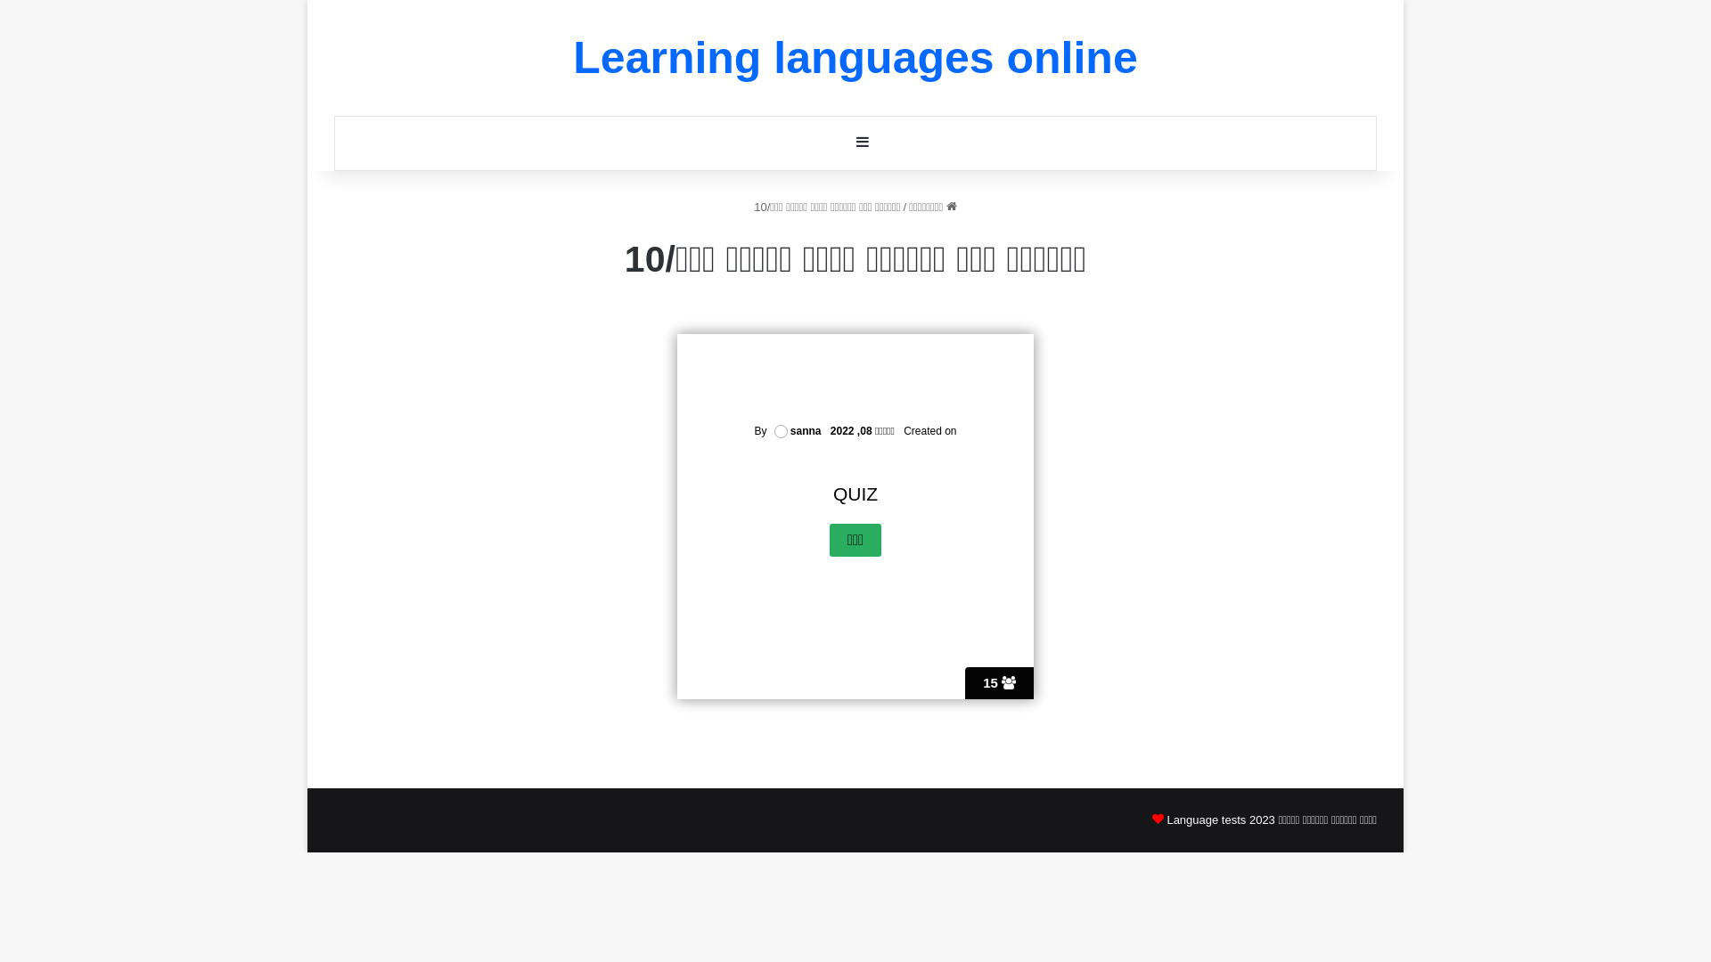 Image resolution: width=1711 pixels, height=962 pixels. Describe the element at coordinates (854, 57) in the screenshot. I see `'Learning languages online'` at that location.